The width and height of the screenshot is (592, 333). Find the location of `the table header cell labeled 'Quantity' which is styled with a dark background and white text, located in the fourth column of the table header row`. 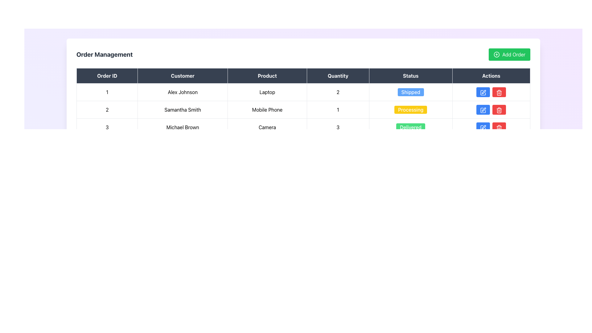

the table header cell labeled 'Quantity' which is styled with a dark background and white text, located in the fourth column of the table header row is located at coordinates (338, 76).